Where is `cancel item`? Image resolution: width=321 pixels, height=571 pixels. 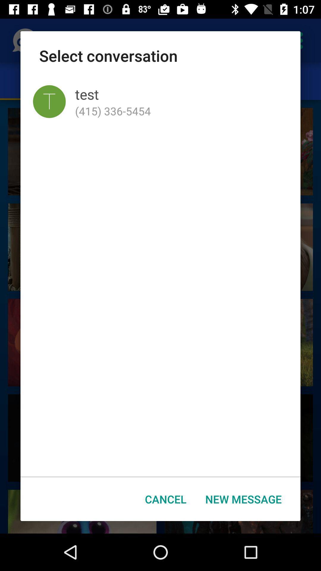
cancel item is located at coordinates (166, 499).